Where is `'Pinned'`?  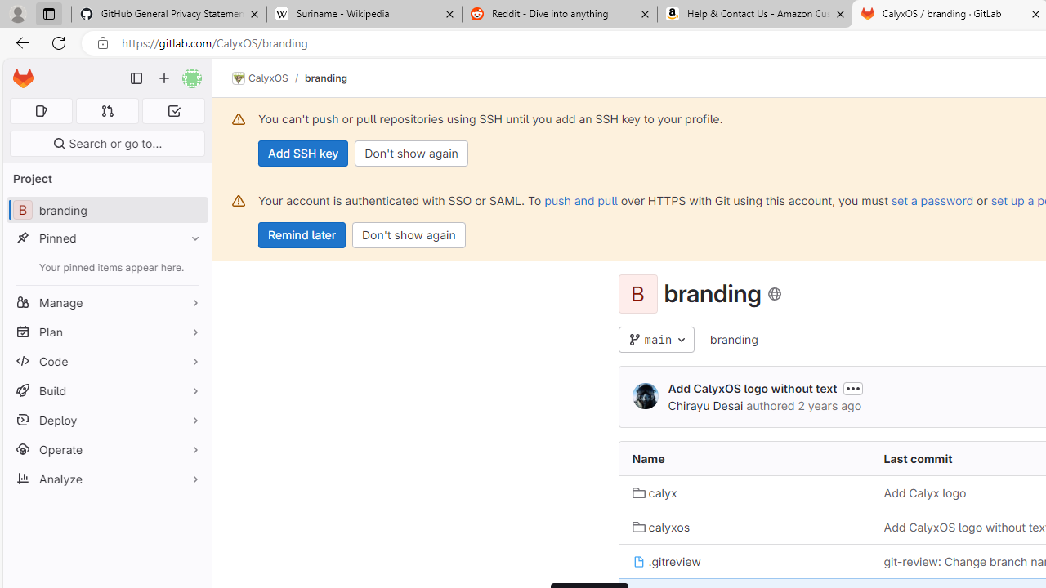 'Pinned' is located at coordinates (106, 238).